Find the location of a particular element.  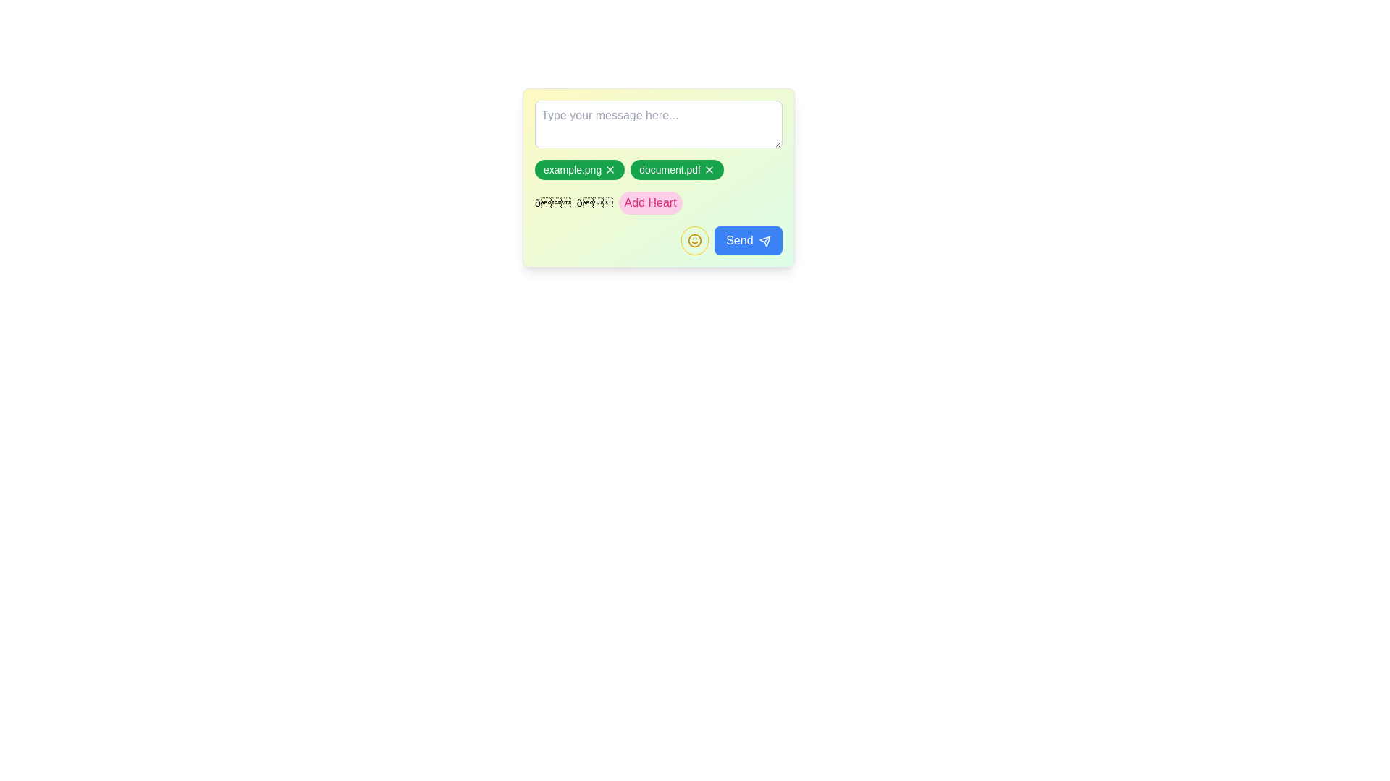

the 'X' icon on the green tag labeled 'document.pdf' is located at coordinates (676, 169).